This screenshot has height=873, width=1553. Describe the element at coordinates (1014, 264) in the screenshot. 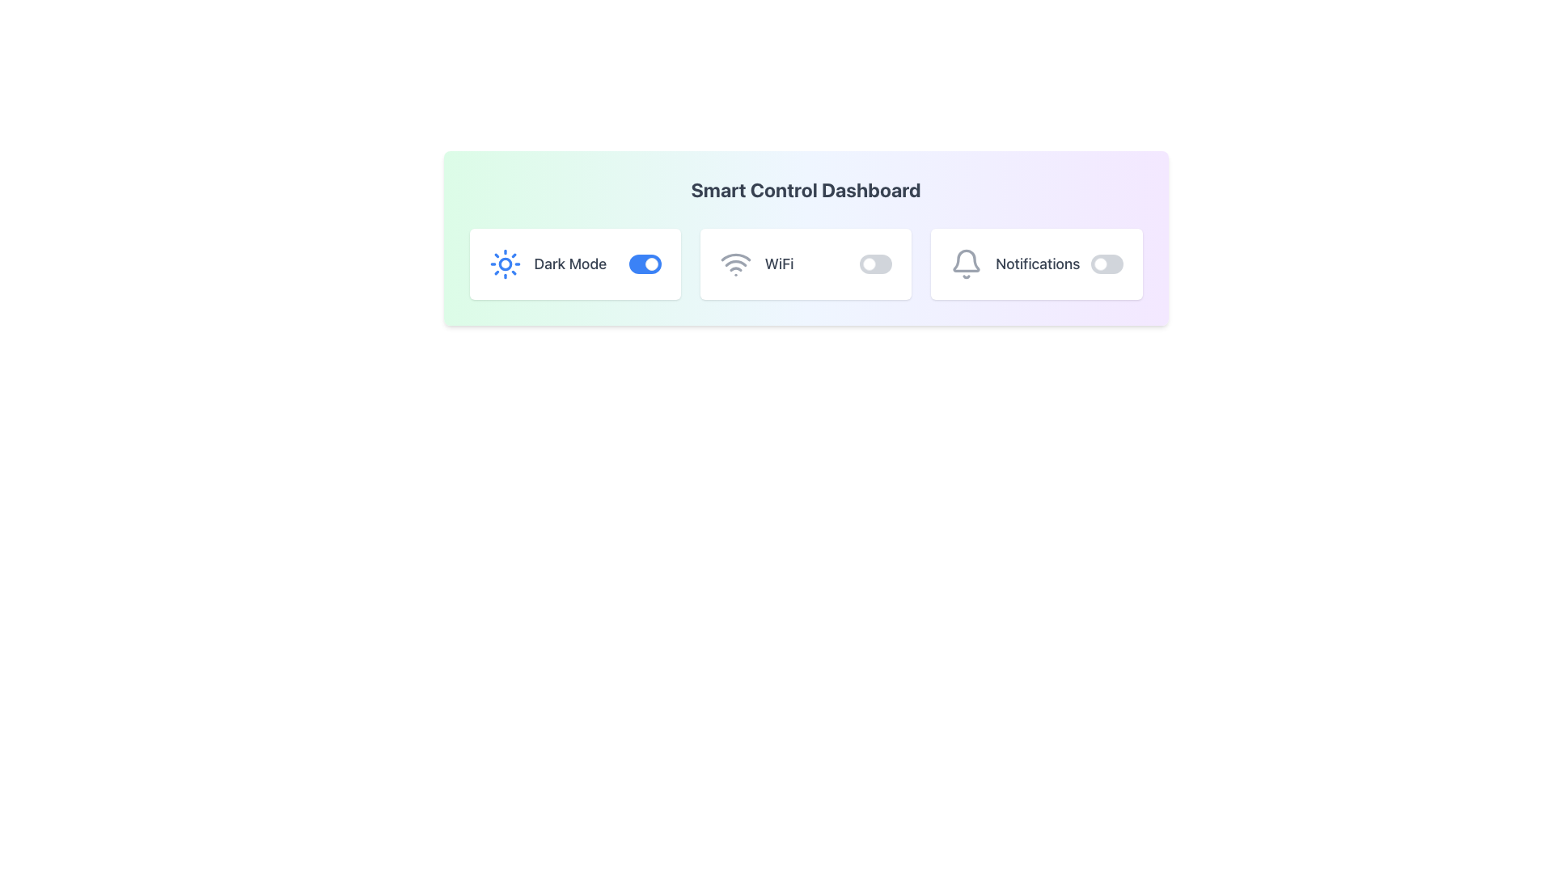

I see `the 'Notifications' label with bell icon located at the top-right section of the dashboard card to view details` at that location.